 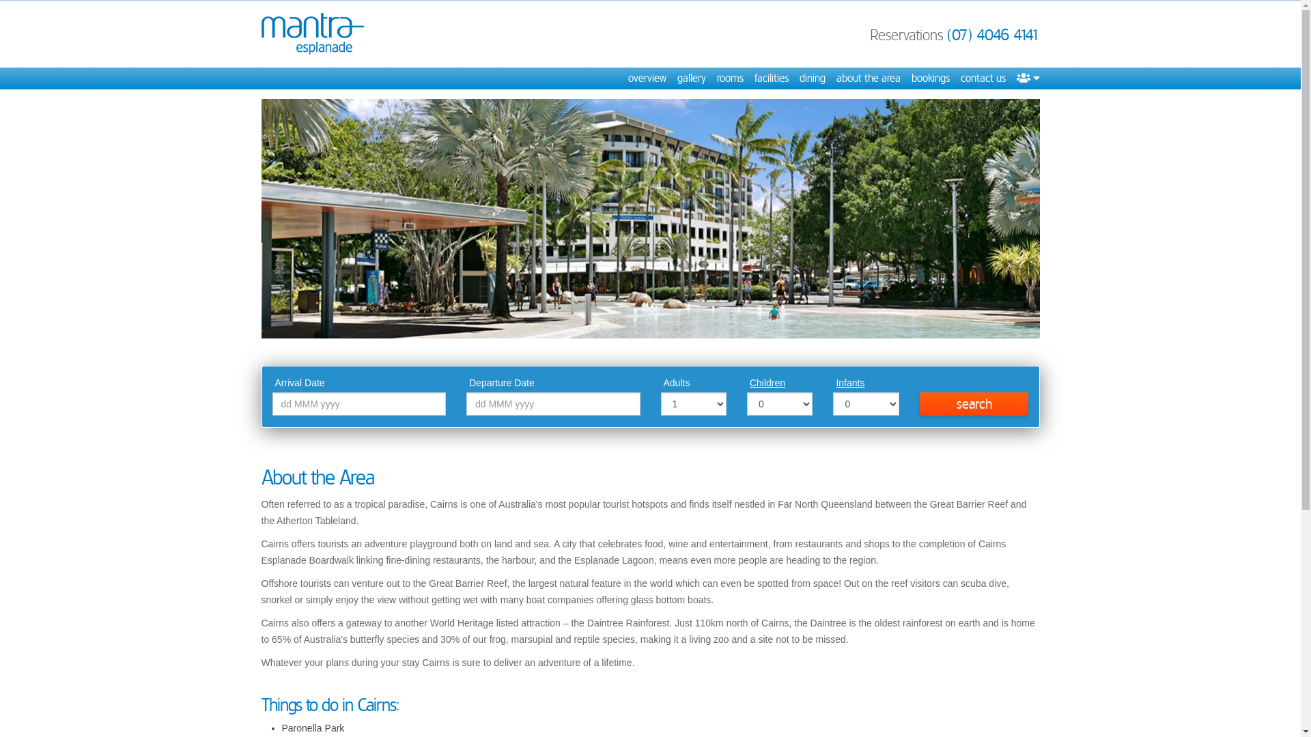 I want to click on 'facilities', so click(x=770, y=78).